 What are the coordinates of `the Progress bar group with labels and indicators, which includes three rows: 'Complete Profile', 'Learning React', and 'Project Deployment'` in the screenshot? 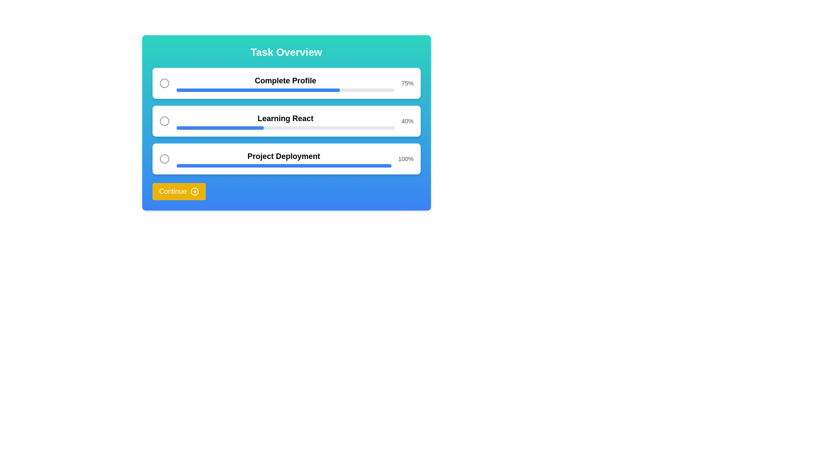 It's located at (286, 121).